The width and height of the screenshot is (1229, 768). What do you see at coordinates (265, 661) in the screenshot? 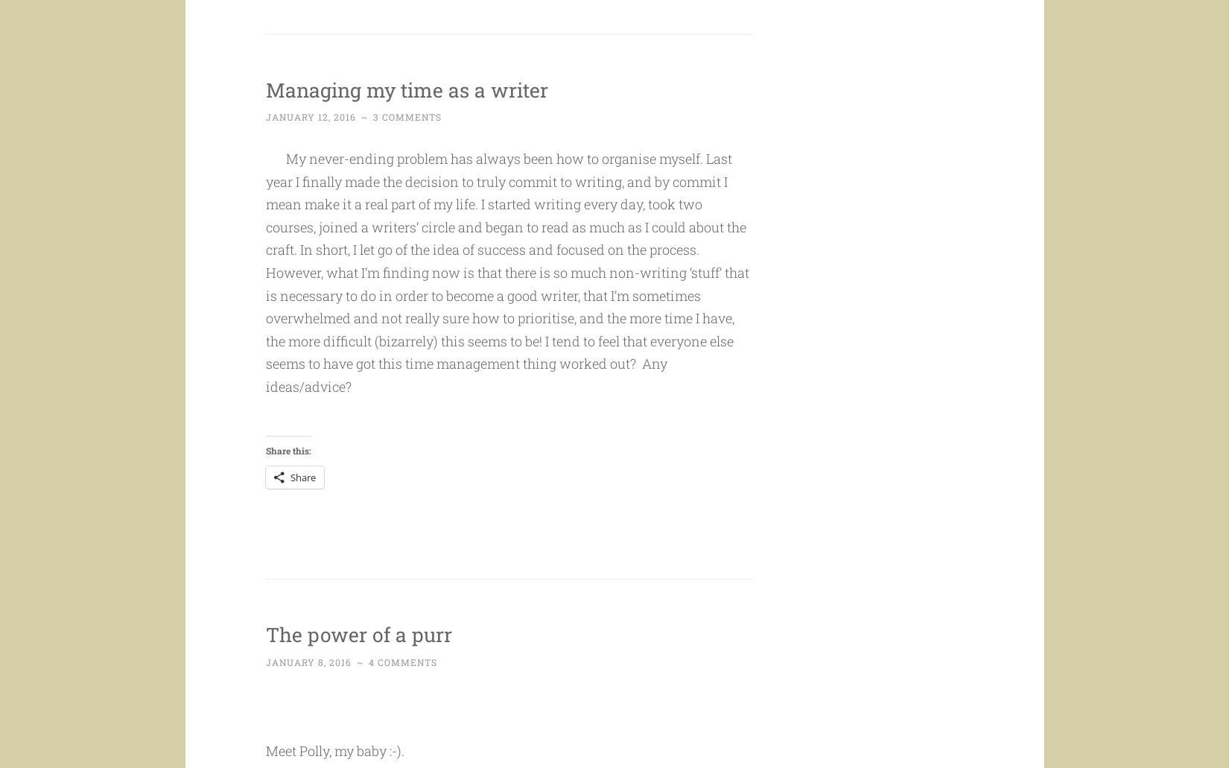
I see `'The power of a purr'` at bounding box center [265, 661].